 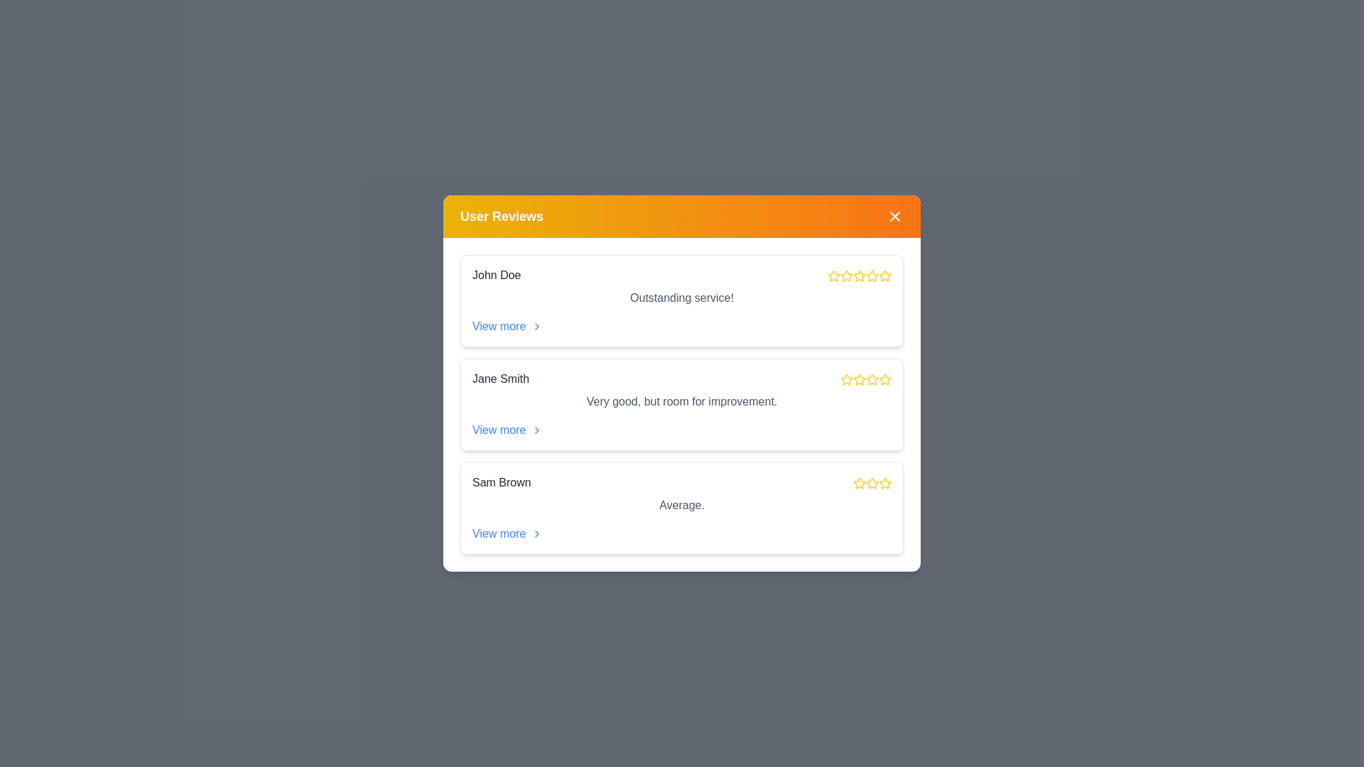 What do you see at coordinates (507, 429) in the screenshot?
I see `the 'View more' link for the review by Jane Smith` at bounding box center [507, 429].